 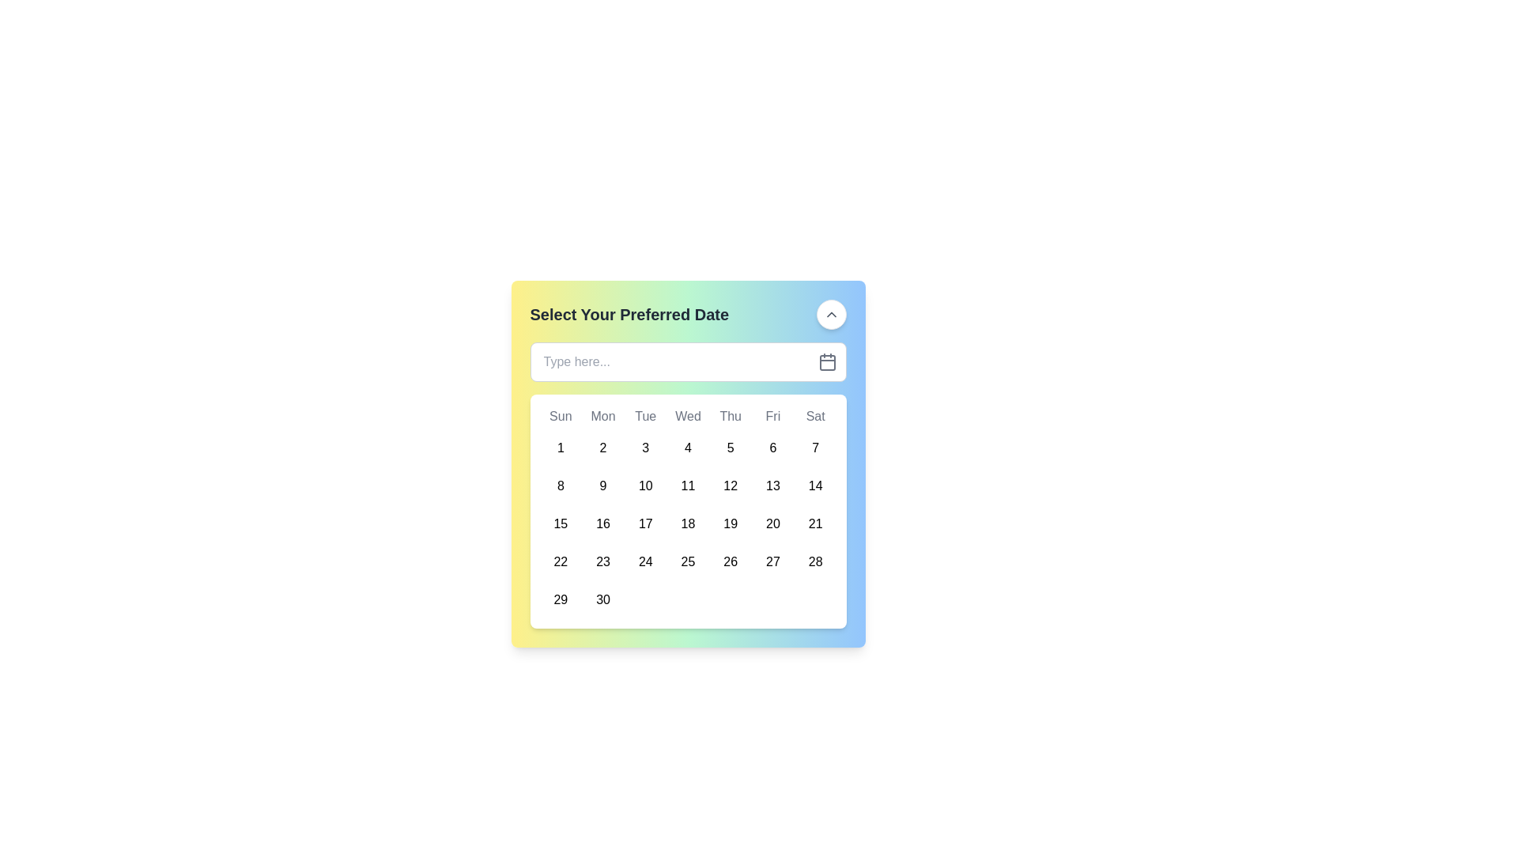 What do you see at coordinates (815, 485) in the screenshot?
I see `the rounded clickable button labeled '14' in the calendar grid under the 'Sat' column` at bounding box center [815, 485].